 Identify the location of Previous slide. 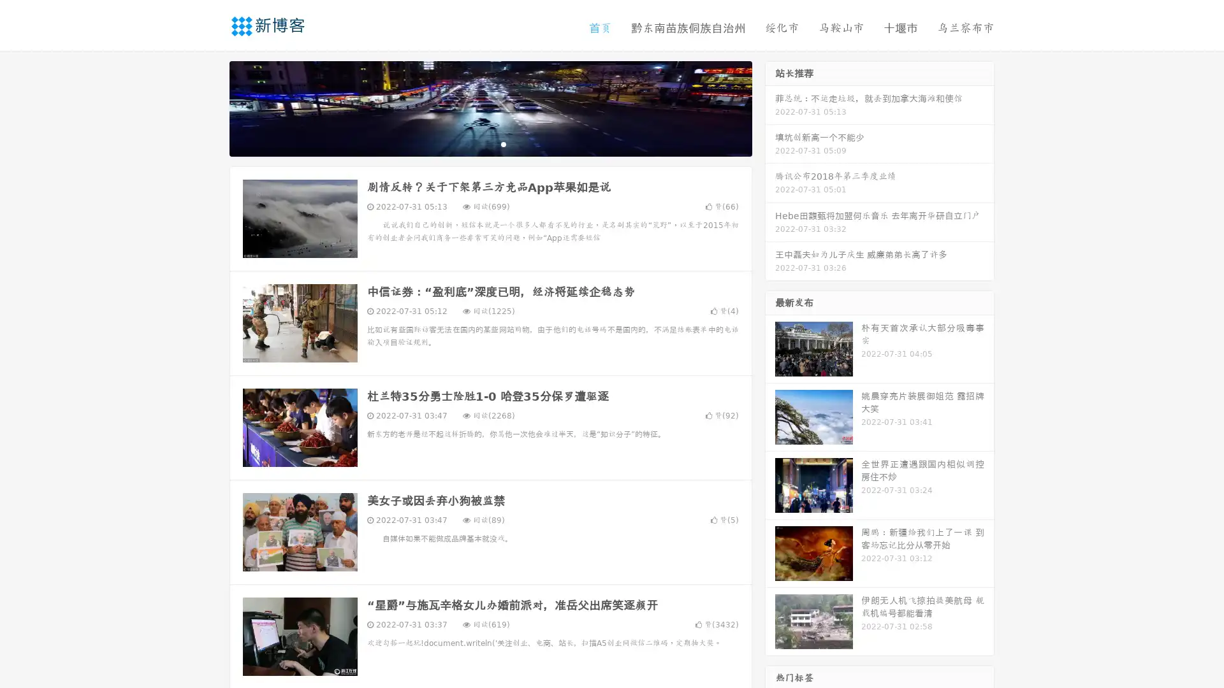
(210, 107).